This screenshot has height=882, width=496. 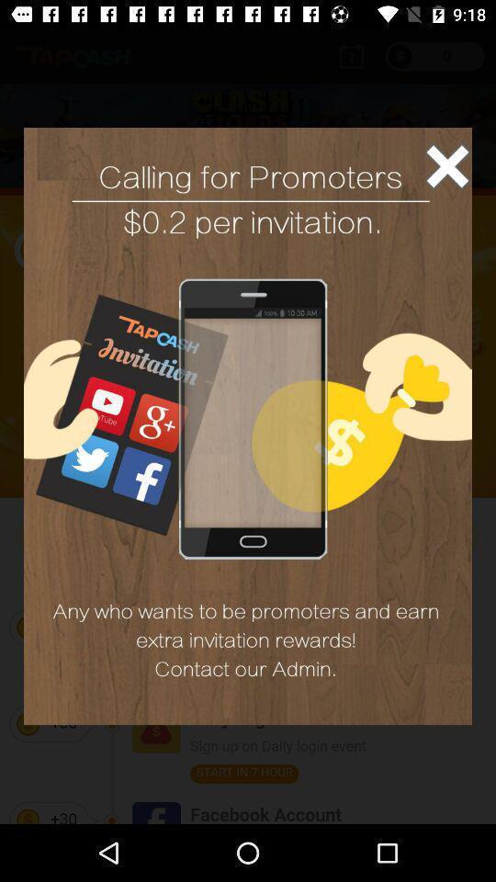 What do you see at coordinates (446, 166) in the screenshot?
I see `page` at bounding box center [446, 166].